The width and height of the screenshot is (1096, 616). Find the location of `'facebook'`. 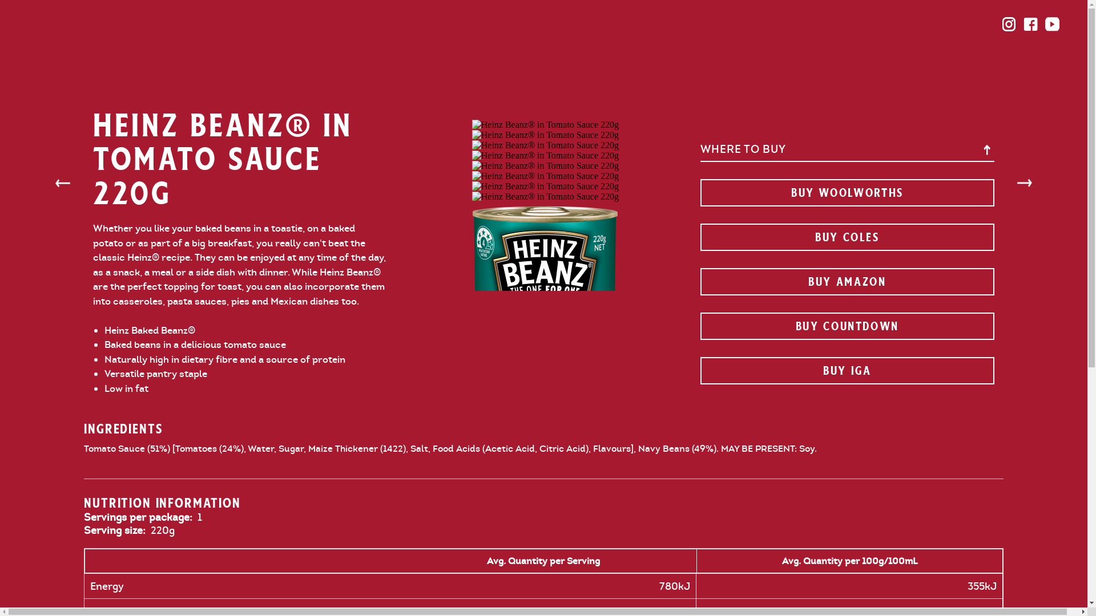

'facebook' is located at coordinates (1030, 24).